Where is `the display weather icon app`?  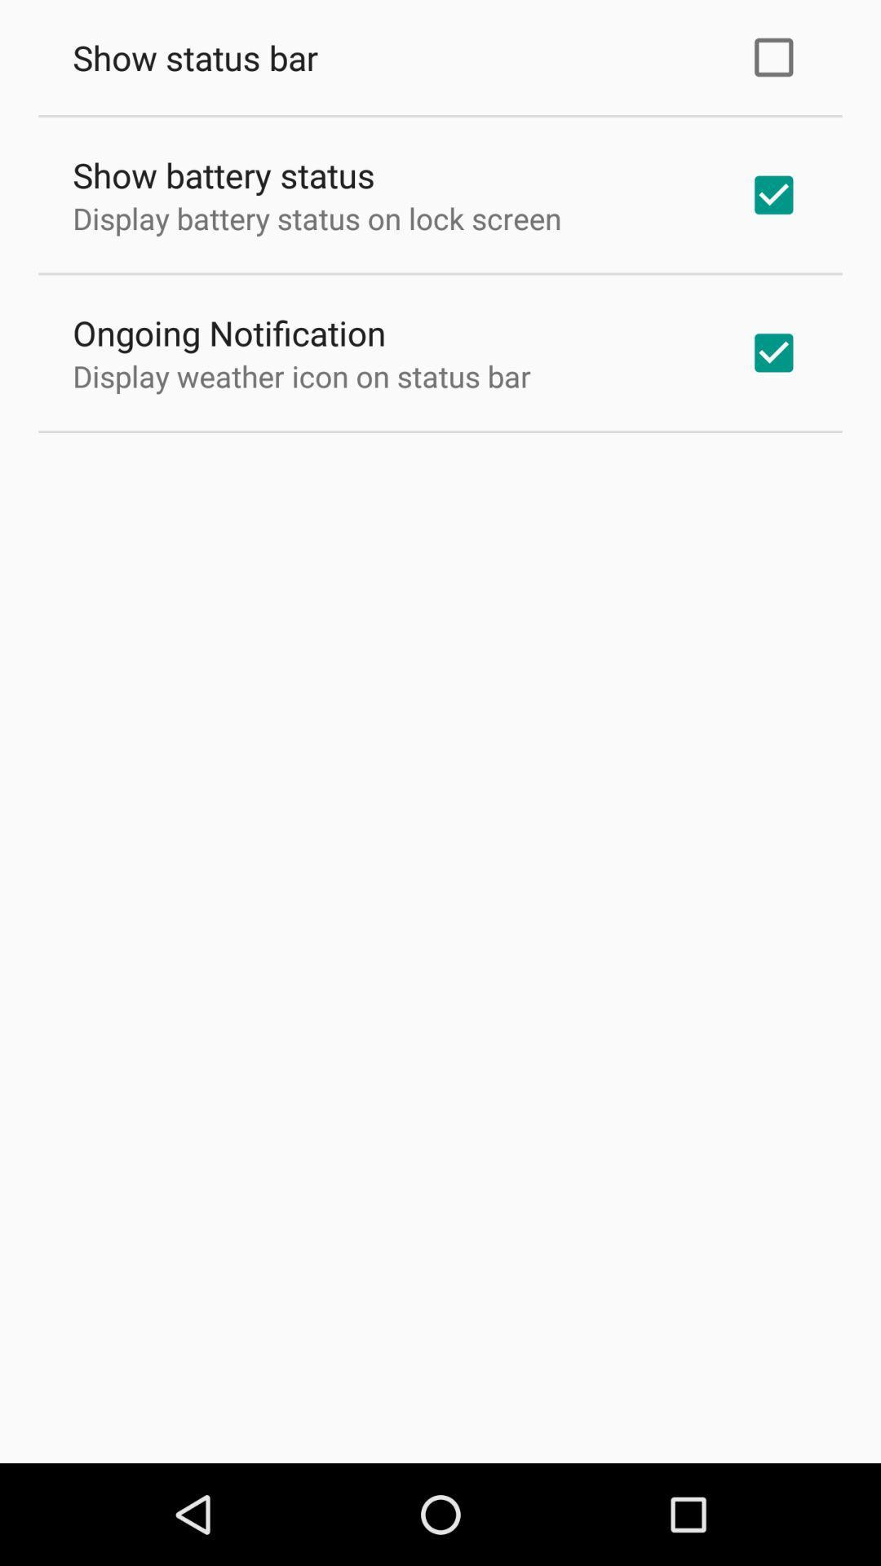 the display weather icon app is located at coordinates (302, 375).